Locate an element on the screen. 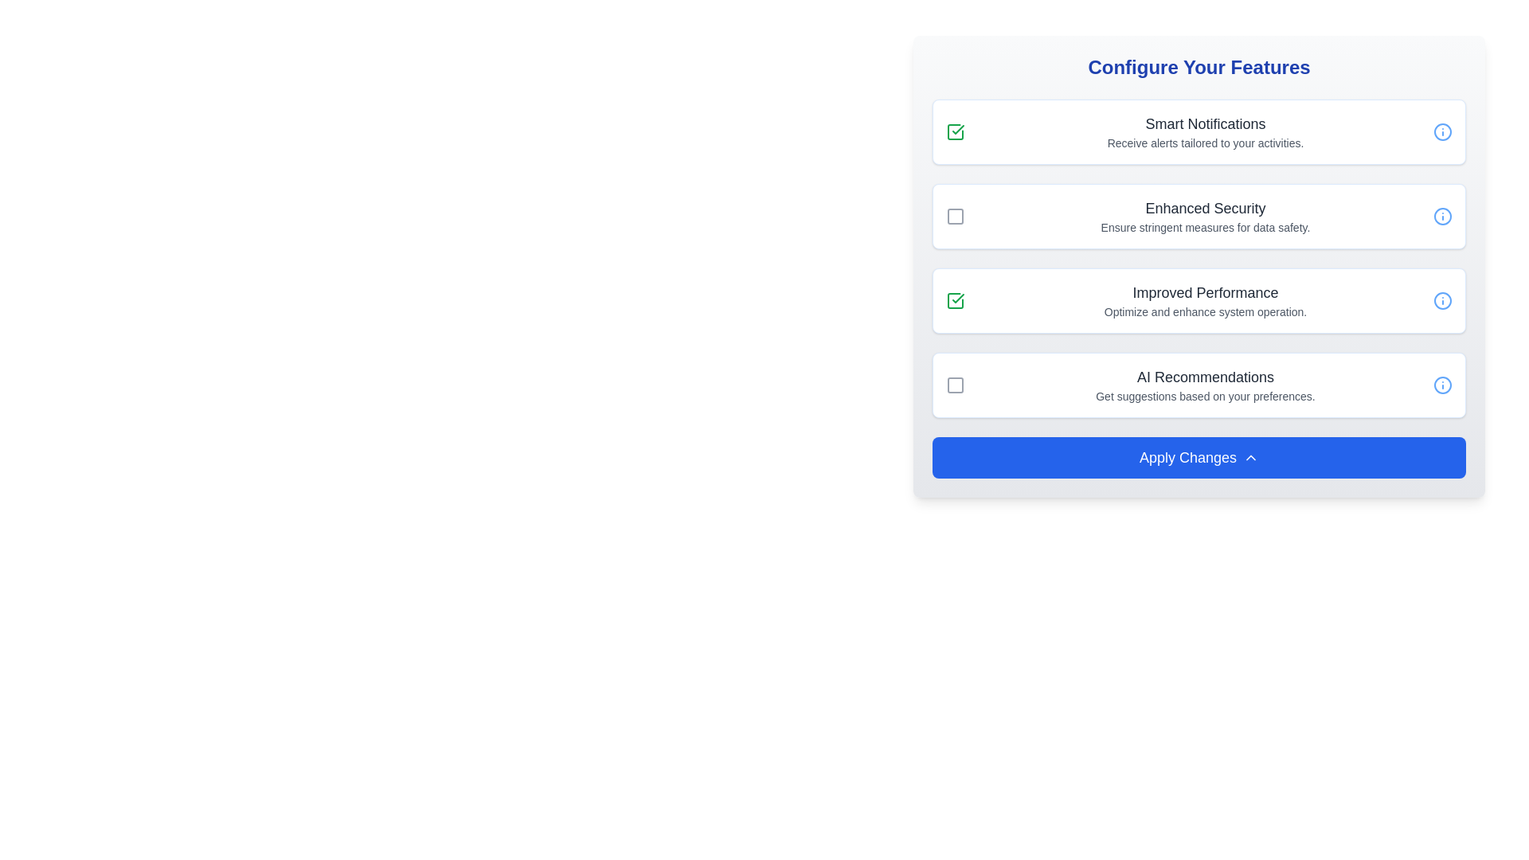 This screenshot has height=860, width=1529. the first checkbox in the 'Configure Your Features' panel is located at coordinates (956, 131).